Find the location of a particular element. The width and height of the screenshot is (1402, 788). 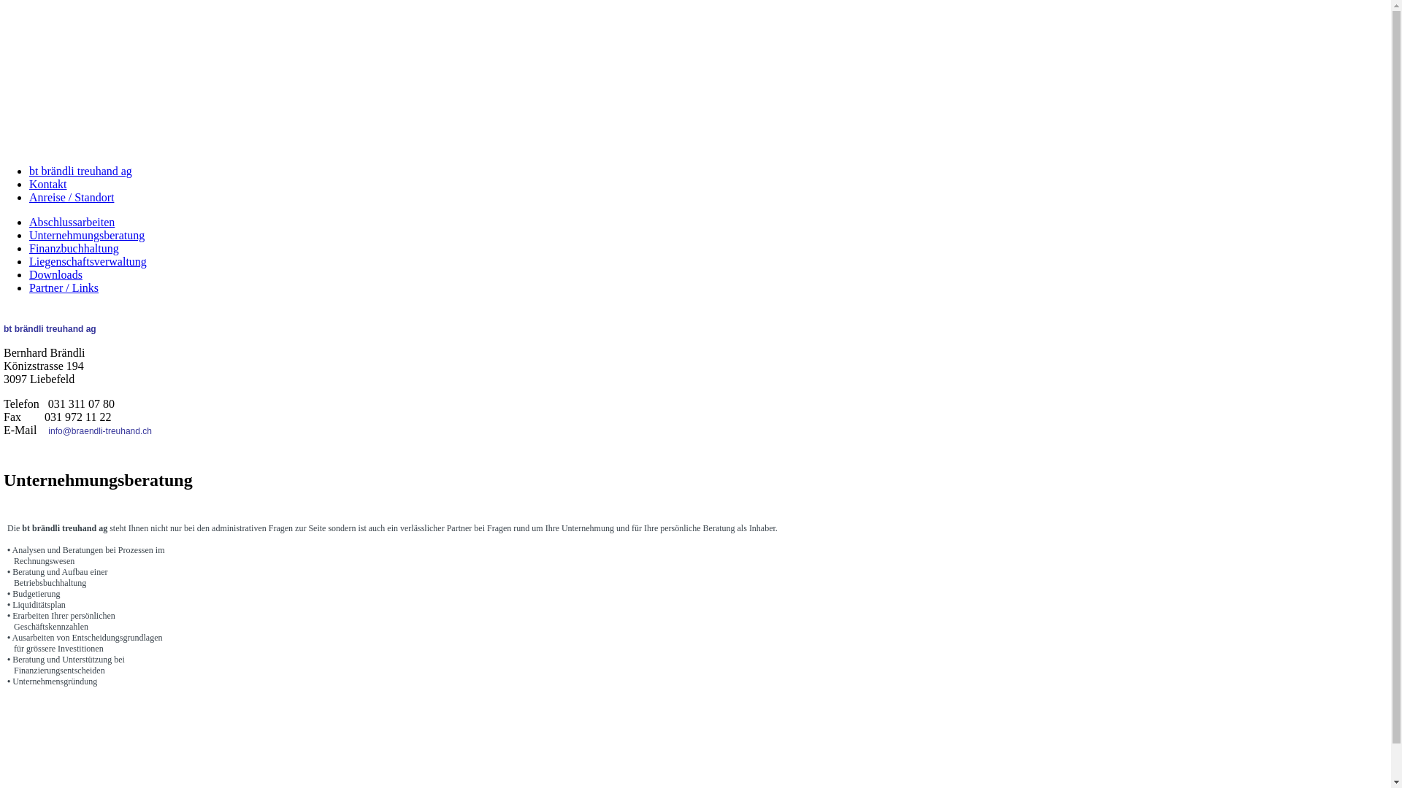

'info@braendli-treuhand.ch' is located at coordinates (99, 430).